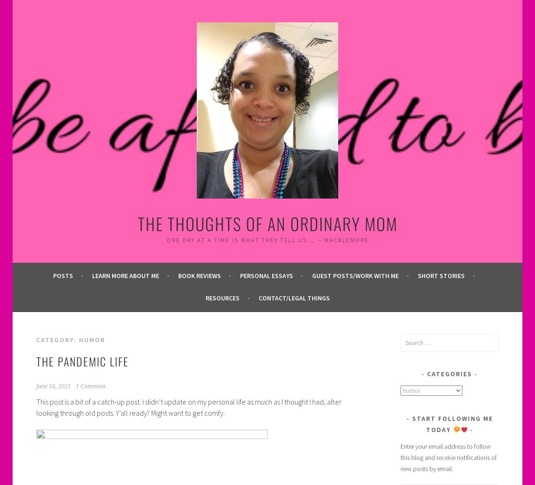  What do you see at coordinates (448, 457) in the screenshot?
I see `'Enter your email address to follow this blog and receive notifications of new posts by email.'` at bounding box center [448, 457].